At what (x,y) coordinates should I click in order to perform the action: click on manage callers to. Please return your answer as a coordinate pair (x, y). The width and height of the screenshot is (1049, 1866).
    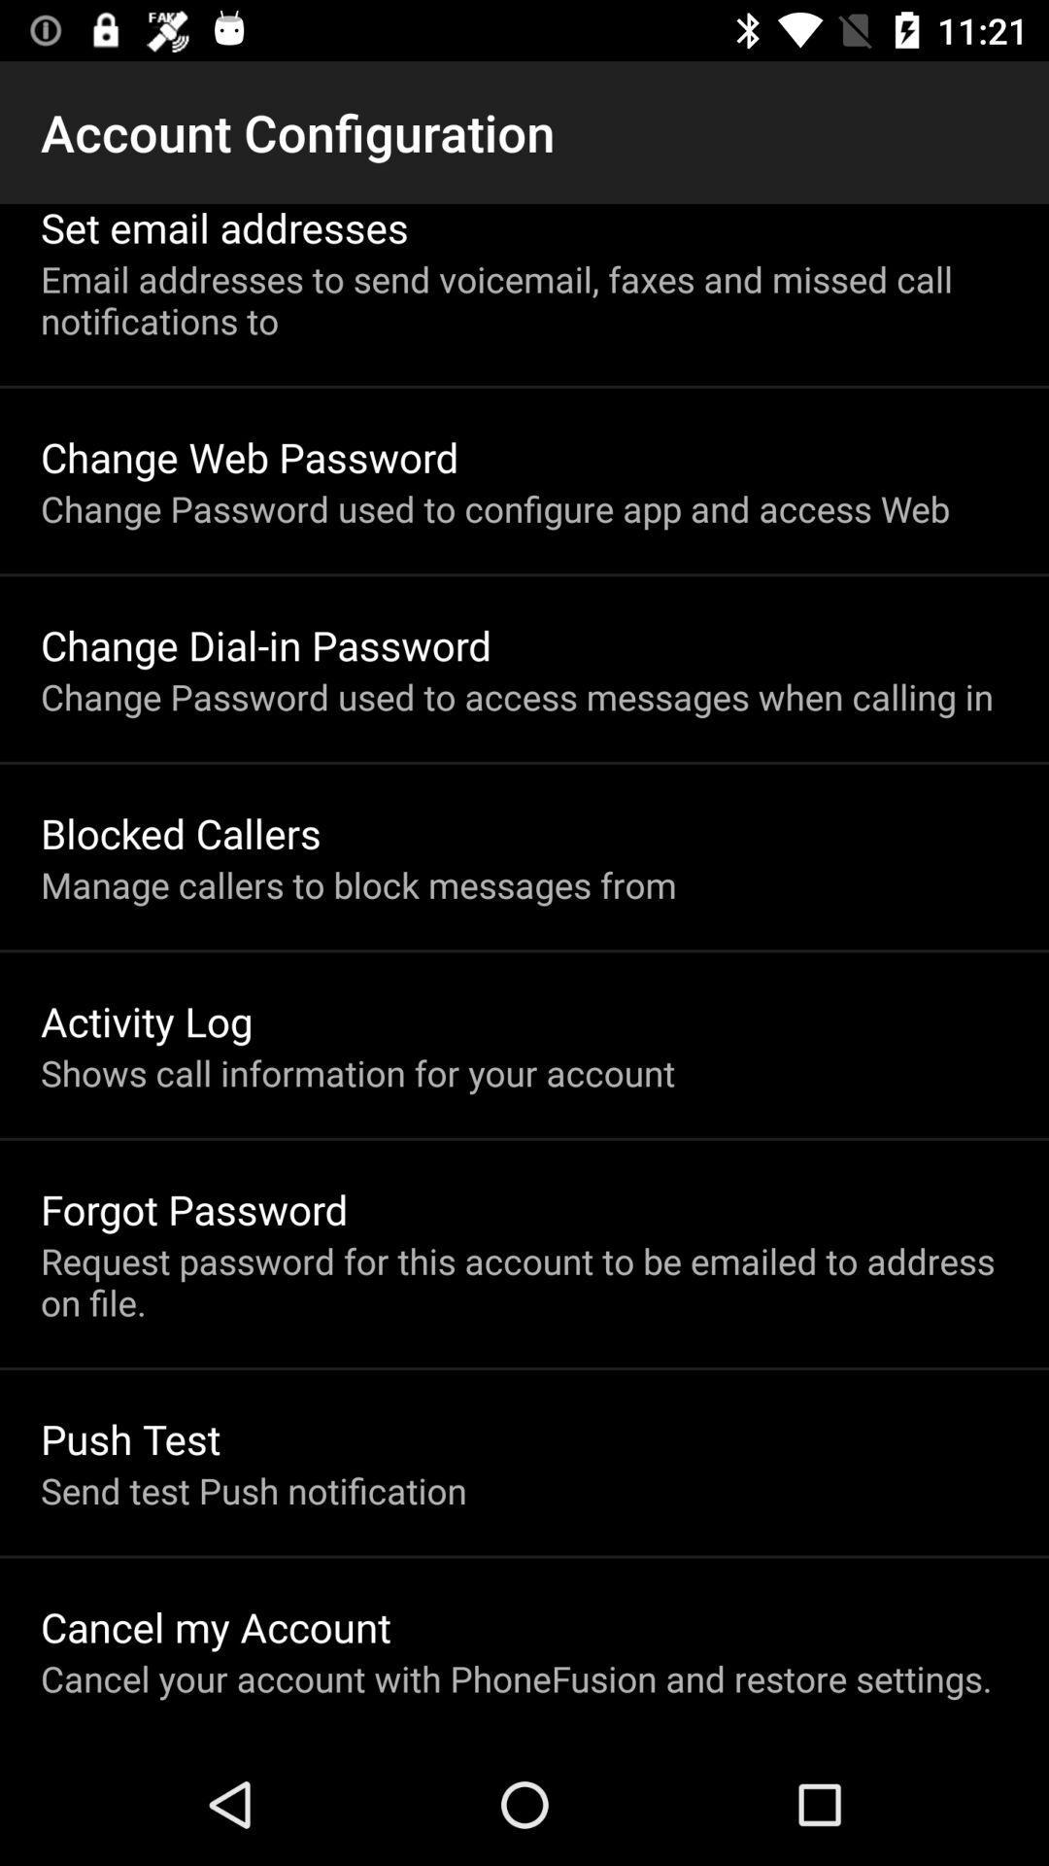
    Looking at the image, I should click on (358, 883).